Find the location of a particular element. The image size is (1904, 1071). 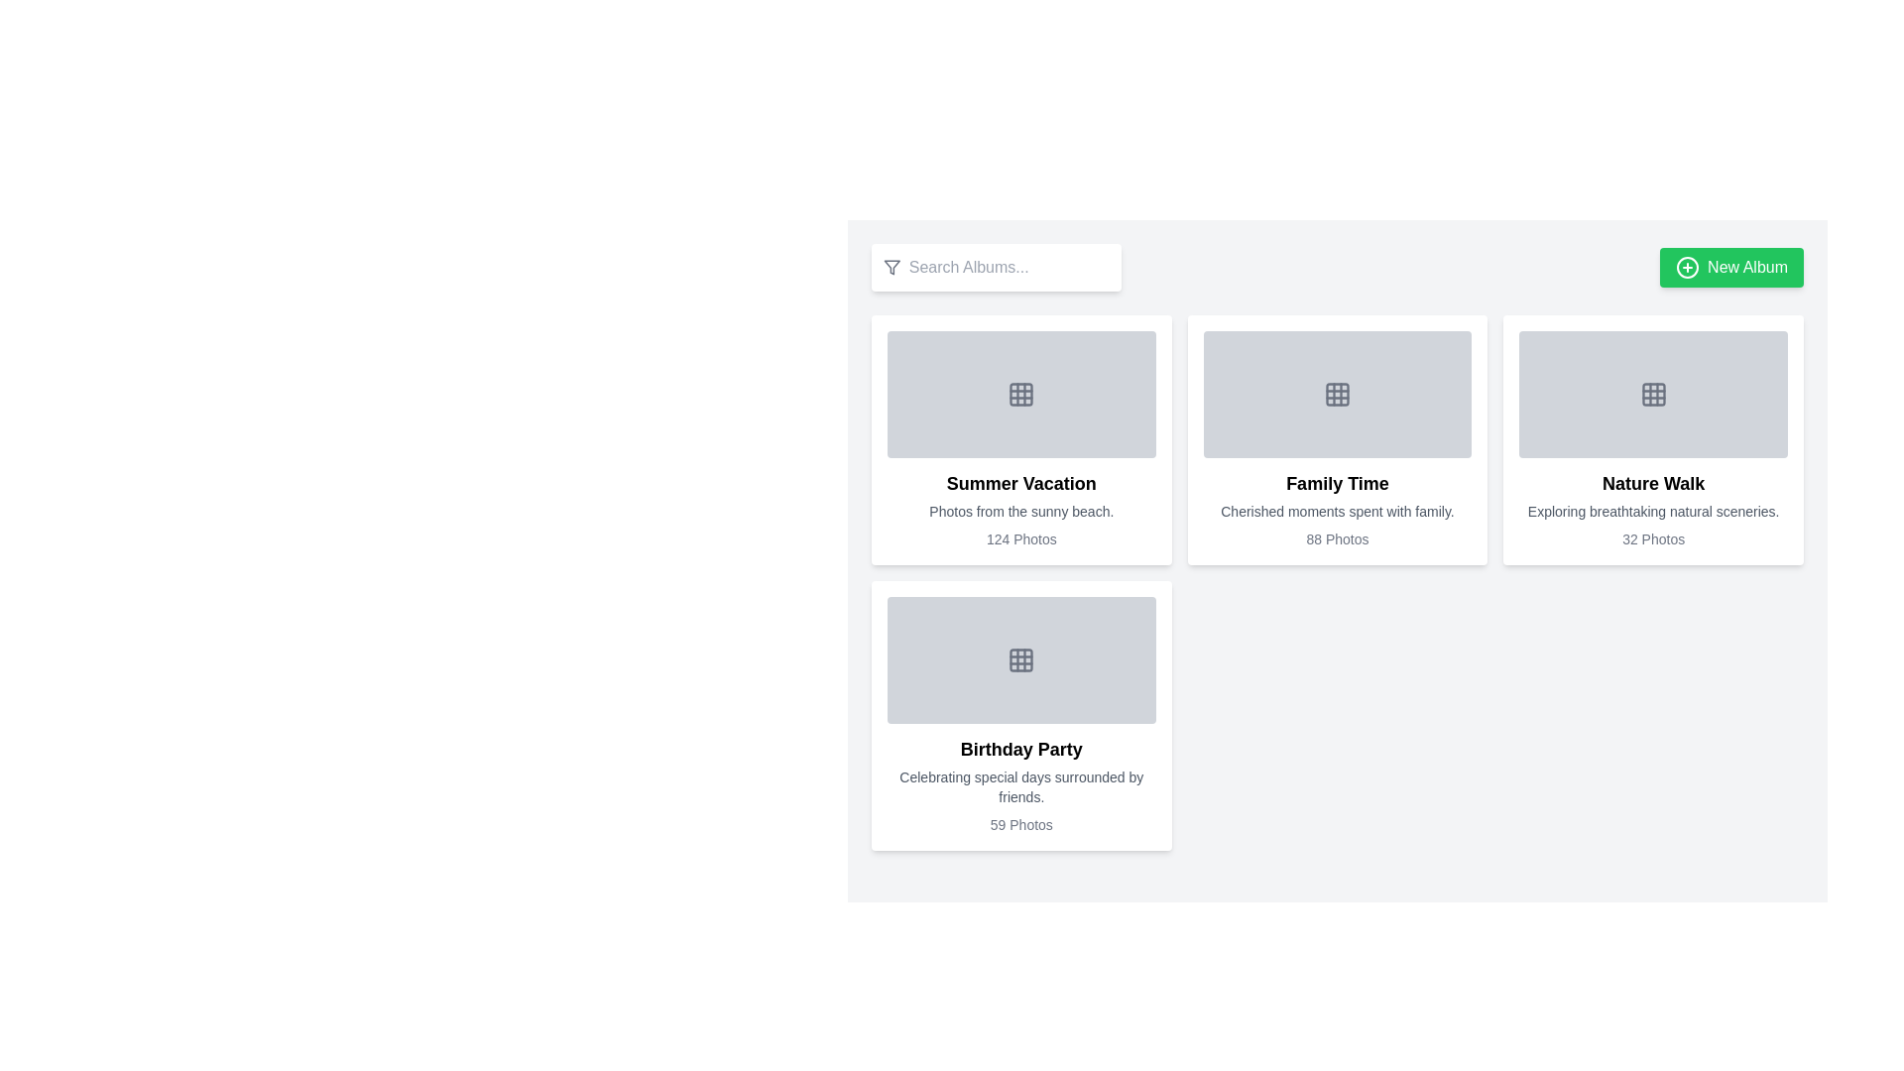

the static text label titled 'Family Time' located at the top of the middle card in a horizontally aligned group of three cards is located at coordinates (1337, 484).